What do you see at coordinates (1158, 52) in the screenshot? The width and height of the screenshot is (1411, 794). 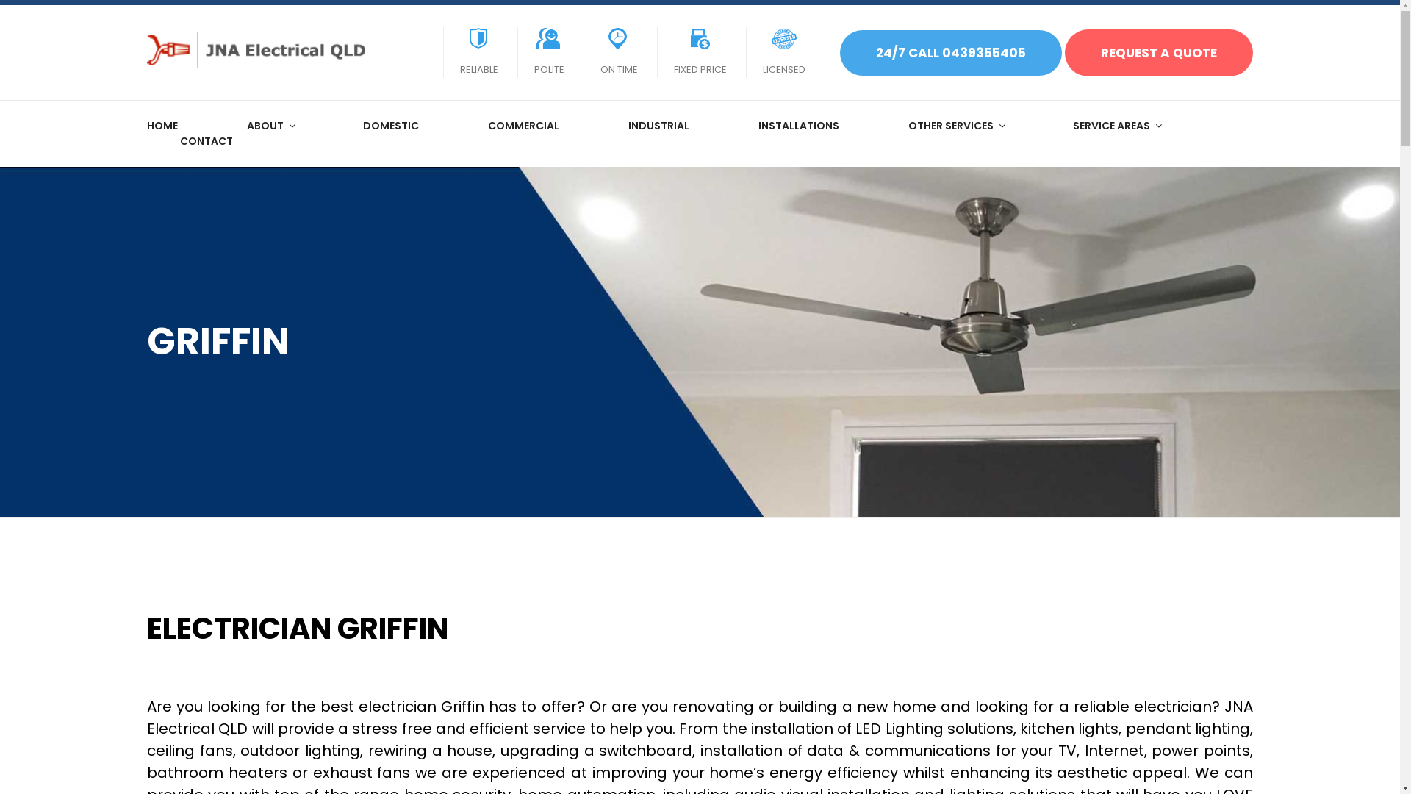 I see `'REQUEST A QUOTE'` at bounding box center [1158, 52].